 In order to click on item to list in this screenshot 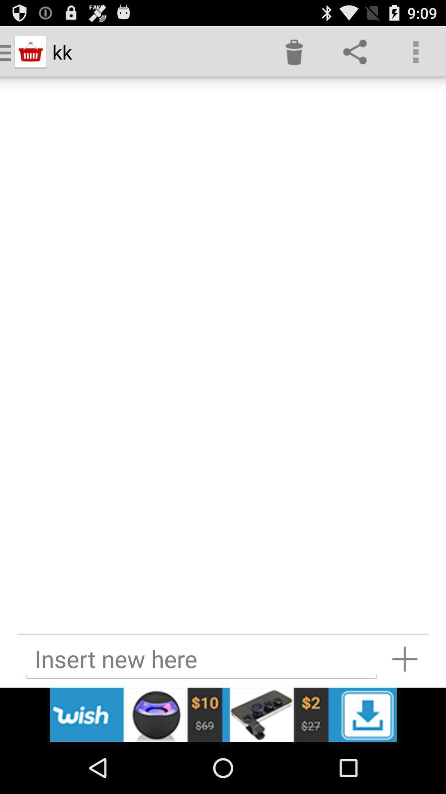, I will do `click(404, 658)`.